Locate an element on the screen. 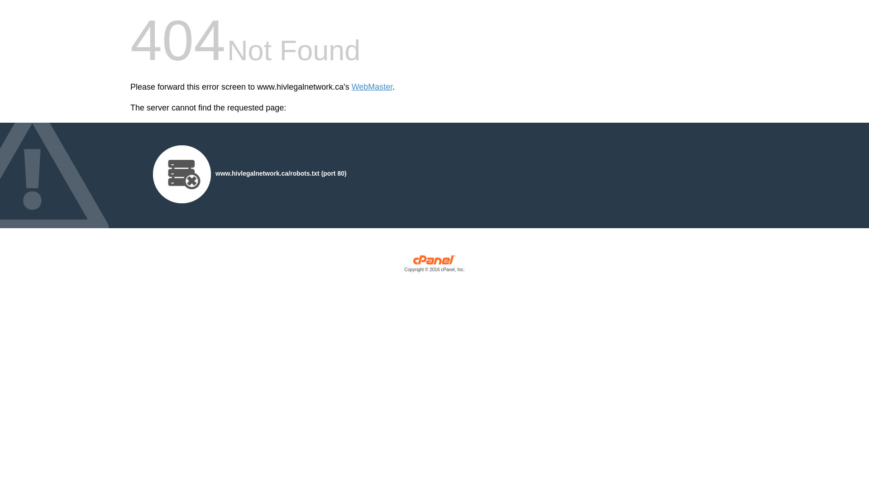 This screenshot has width=869, height=489. 'WebMaster' is located at coordinates (372, 87).